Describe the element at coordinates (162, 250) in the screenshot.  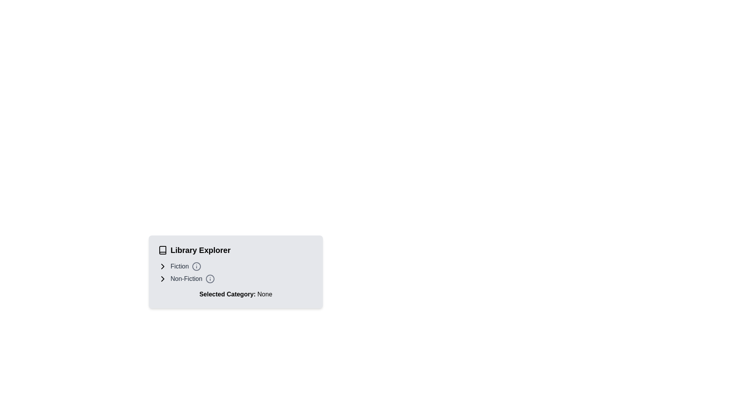
I see `the book icon located in the header of the 'Library Explorer' section, positioned at the far left before the title text 'Library Explorer'` at that location.